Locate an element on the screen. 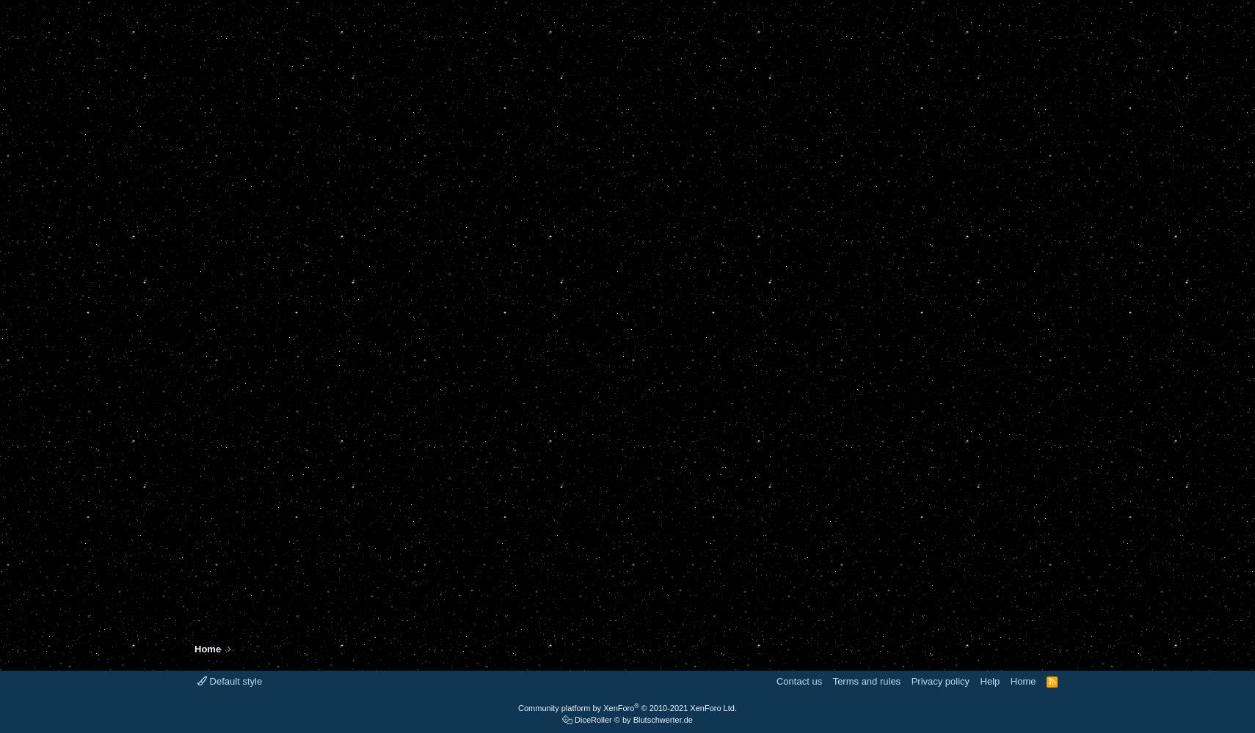  'Help' is located at coordinates (989, 681).